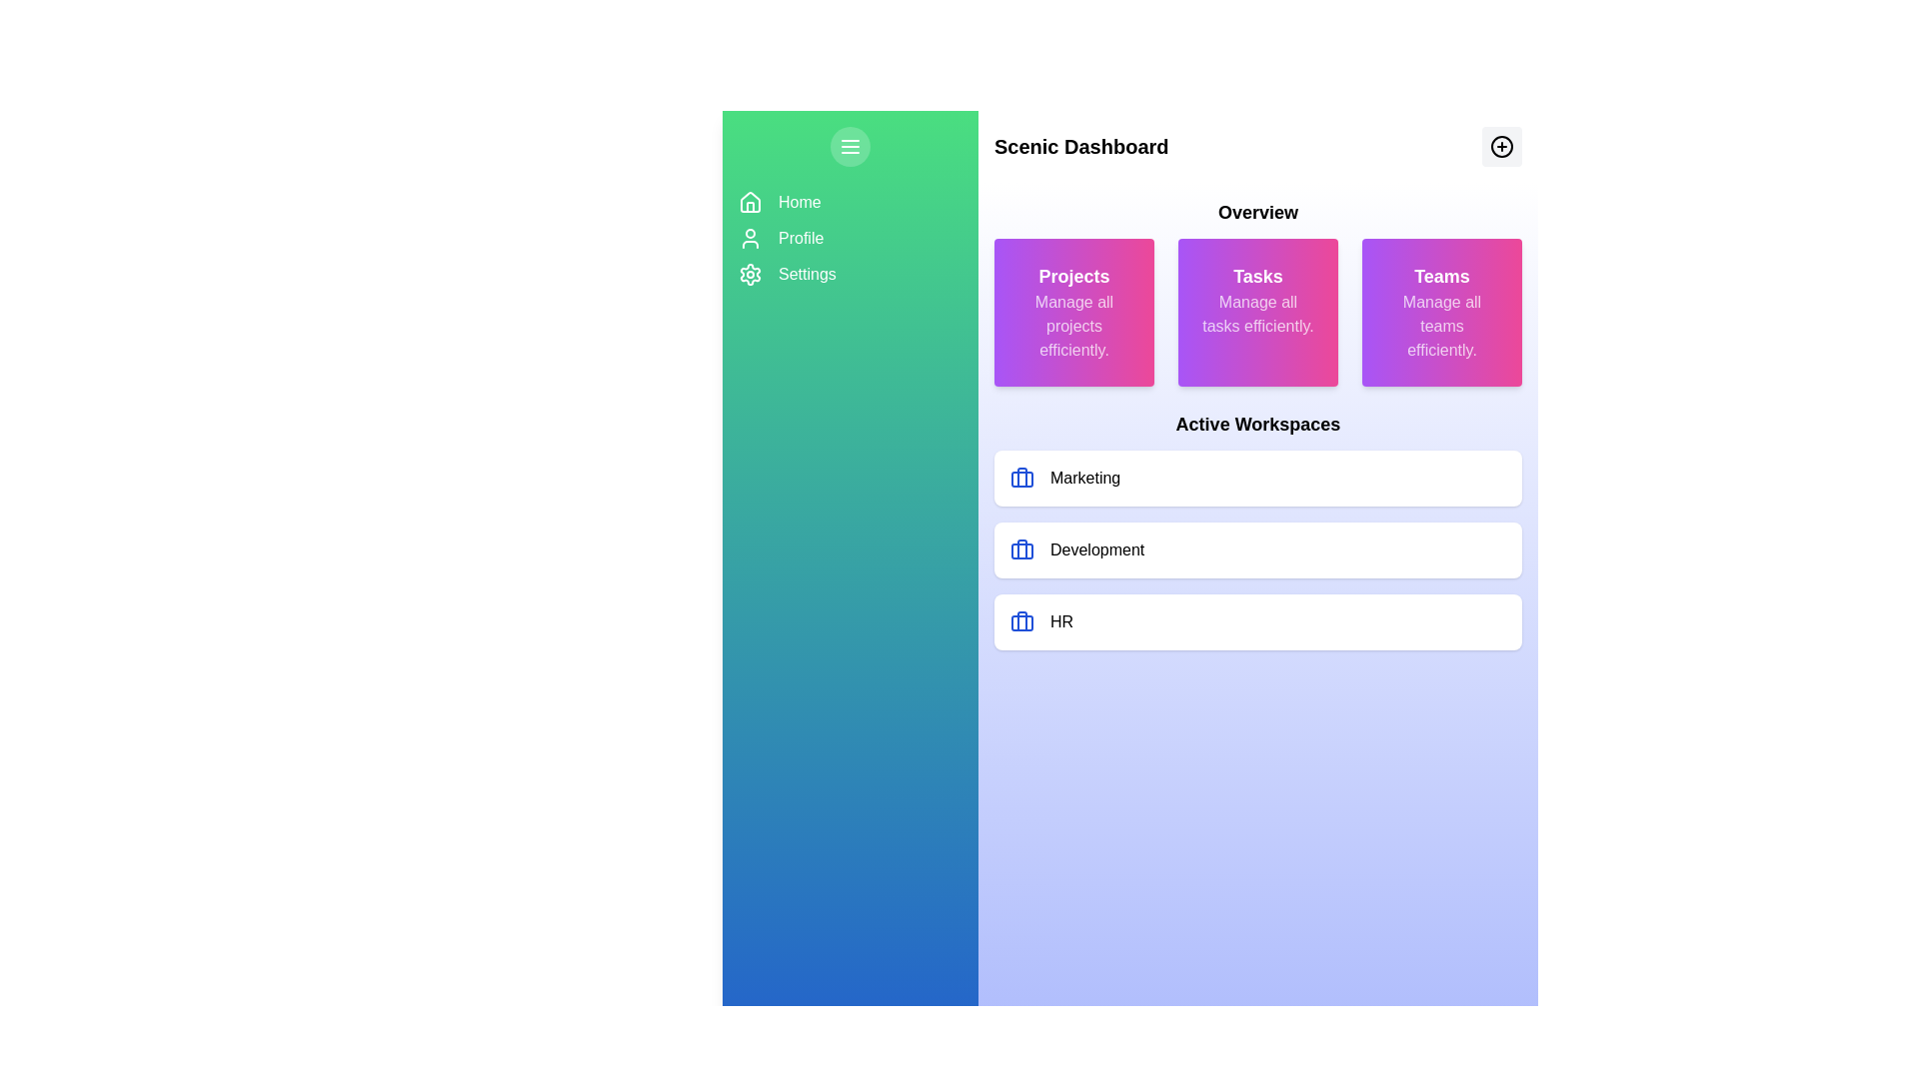  Describe the element at coordinates (1021, 621) in the screenshot. I see `the briefcase icon representing the HR workspace, located to the left of the 'HR' text in the Active Workspaces section` at that location.